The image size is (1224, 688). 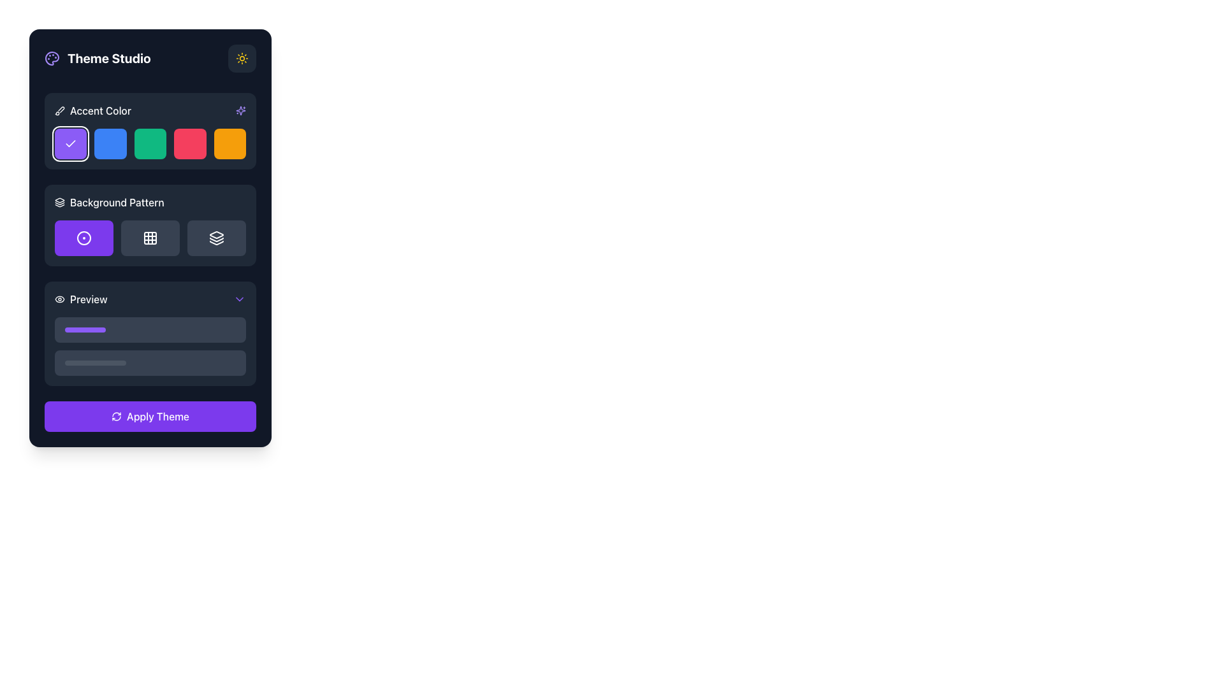 I want to click on the violet-colored palette icon, which resembles an artist's palette with paint spots, located on the left side of the 'Theme Studio' section, so click(x=51, y=59).